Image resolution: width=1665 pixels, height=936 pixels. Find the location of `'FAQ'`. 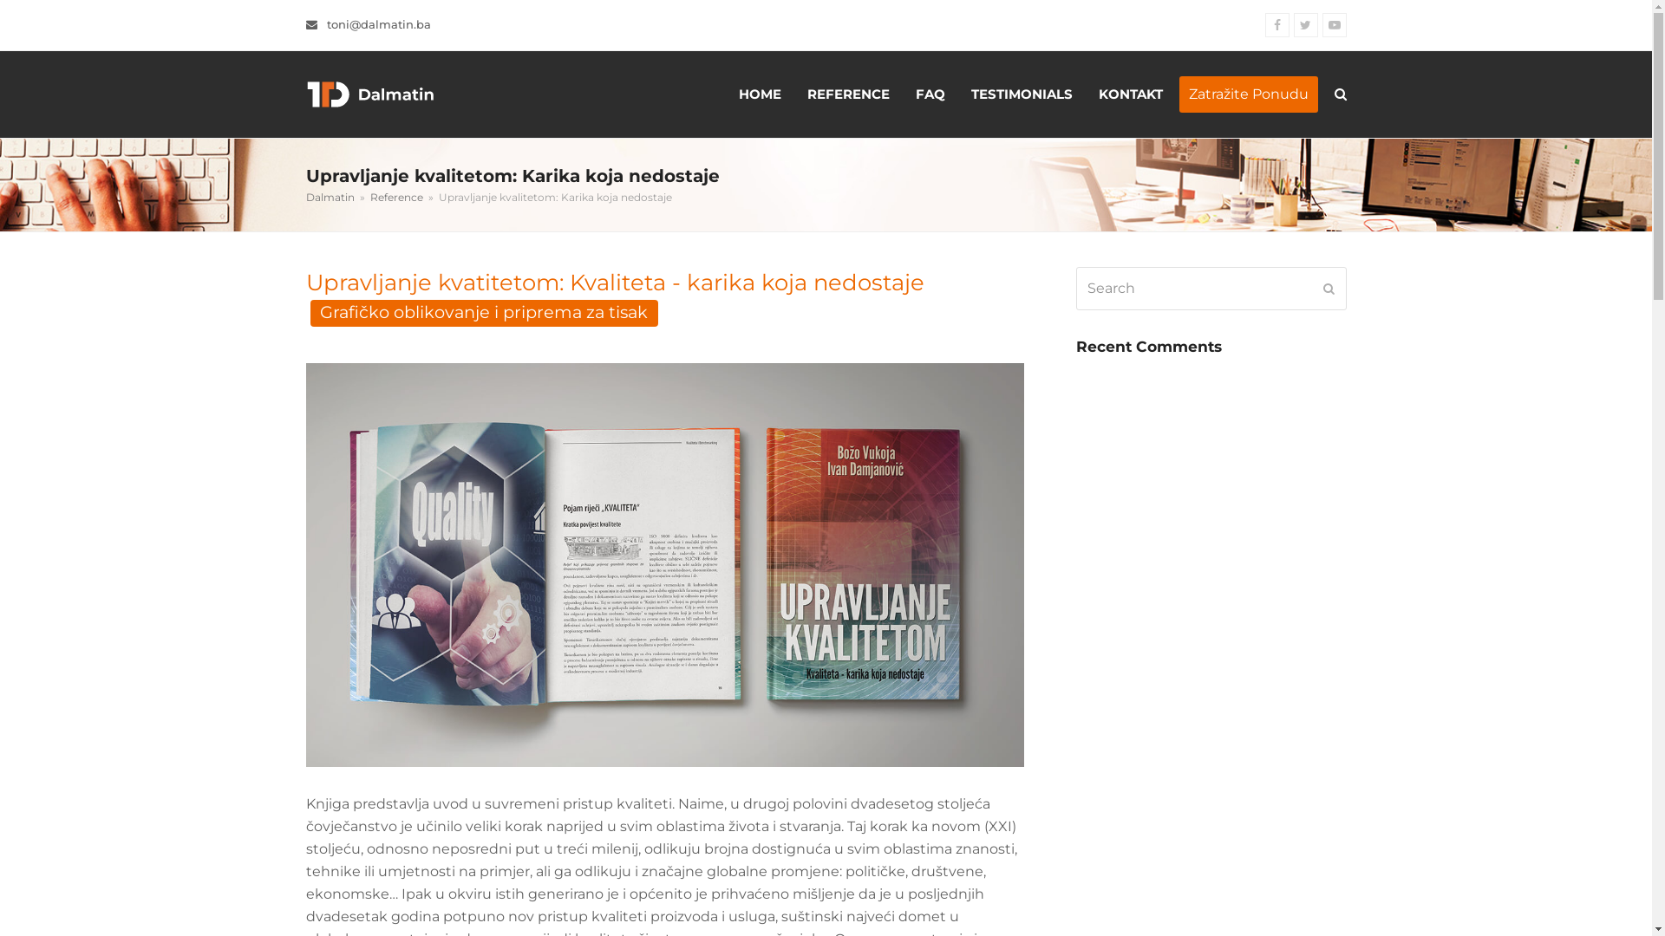

'FAQ' is located at coordinates (928, 94).